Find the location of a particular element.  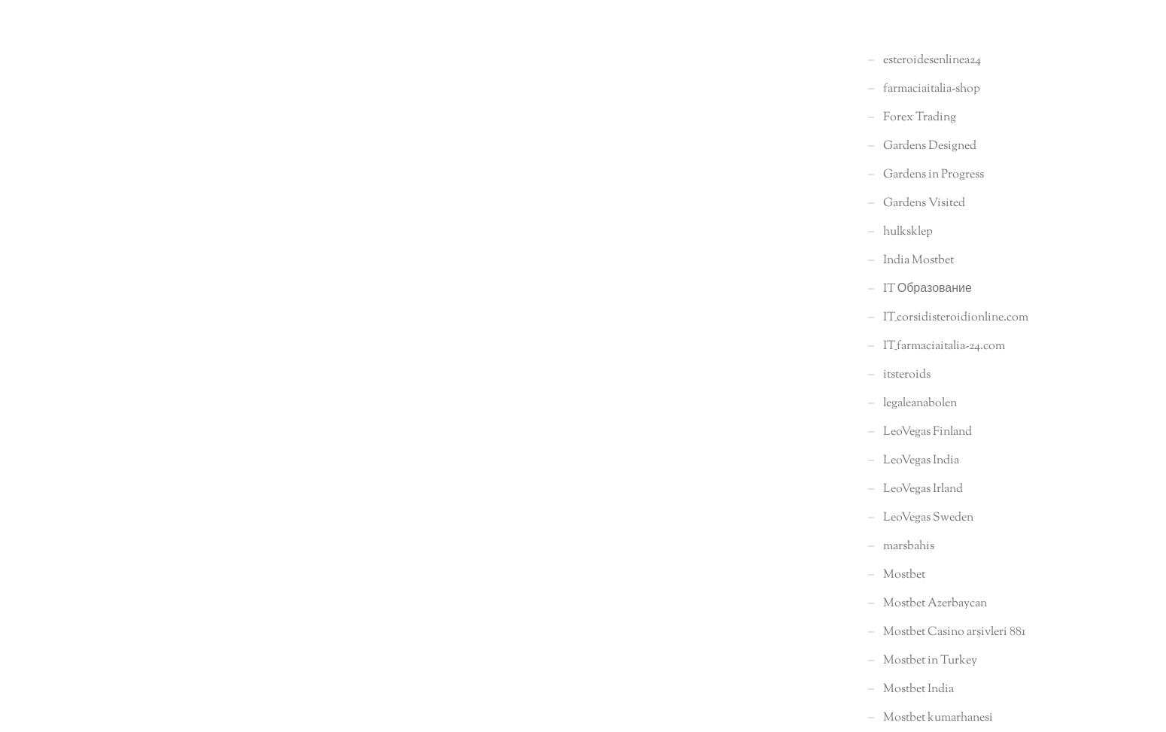

'LeoVegas Finland' is located at coordinates (926, 431).